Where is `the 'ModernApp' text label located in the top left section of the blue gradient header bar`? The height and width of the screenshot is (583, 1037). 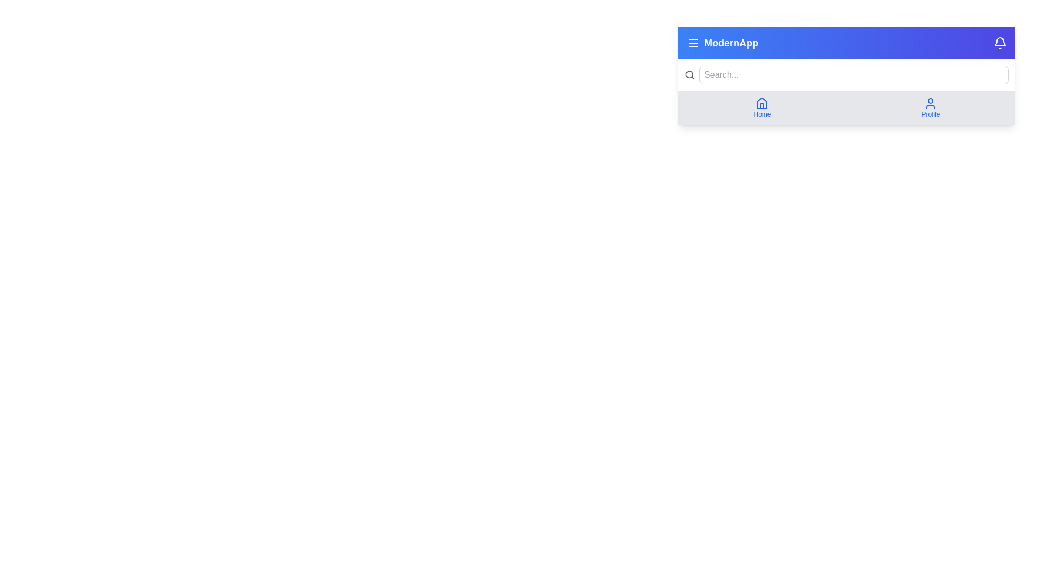 the 'ModernApp' text label located in the top left section of the blue gradient header bar is located at coordinates (723, 43).